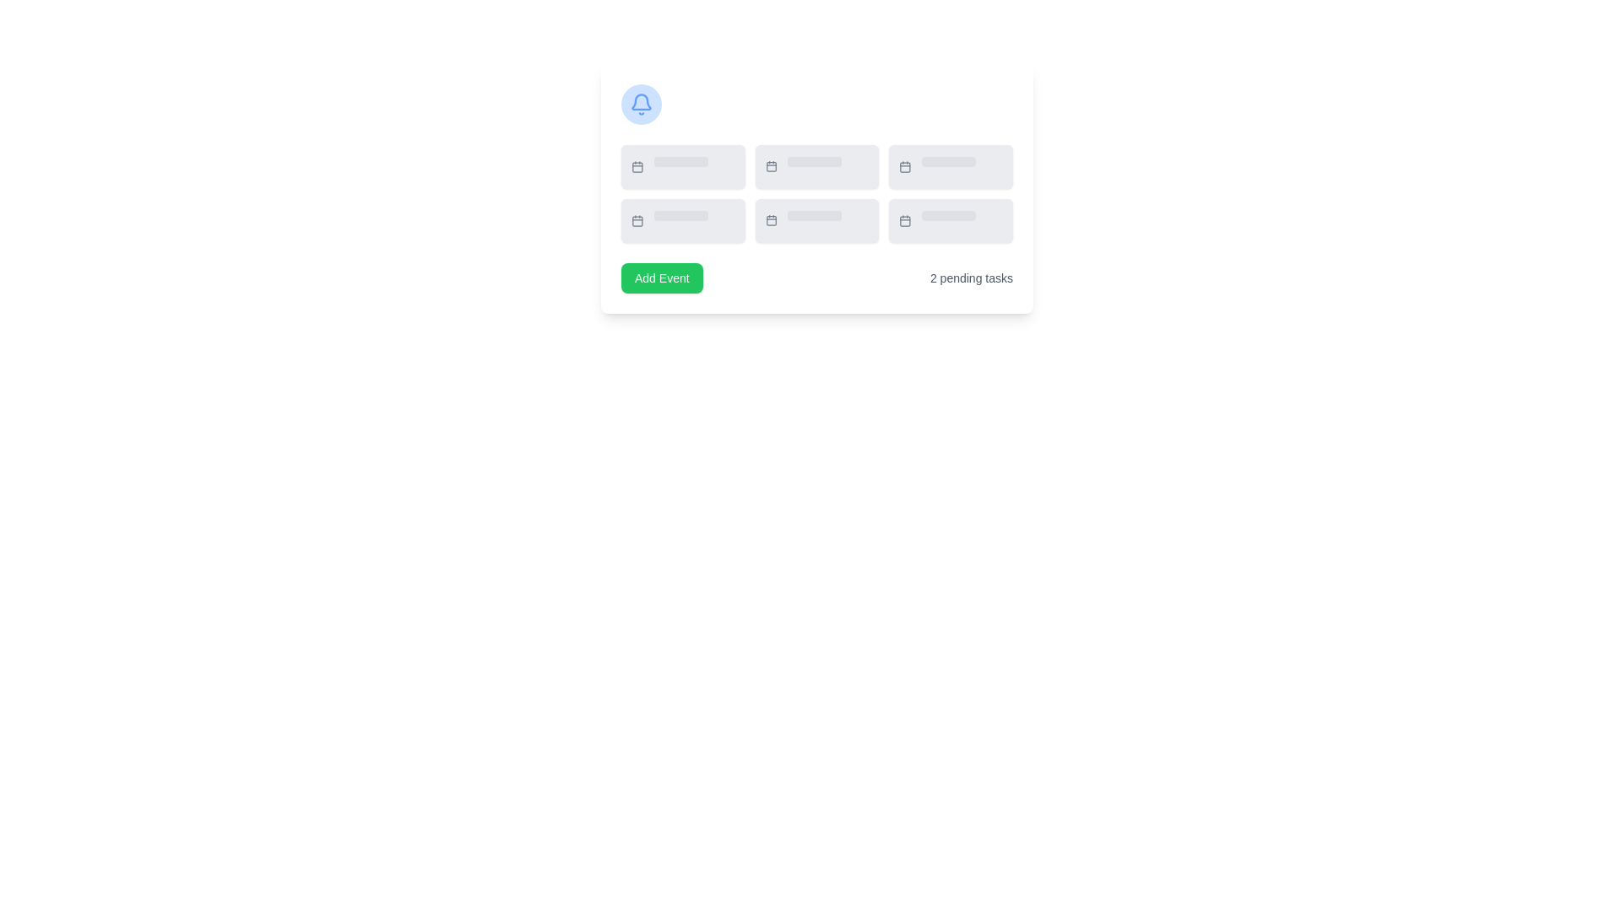 The width and height of the screenshot is (1621, 911). What do you see at coordinates (972, 278) in the screenshot?
I see `the informational Text Label that indicates the count of pending tasks, located to the right of the 'Add Event' button in the bottom-right area of a card-like structure` at bounding box center [972, 278].